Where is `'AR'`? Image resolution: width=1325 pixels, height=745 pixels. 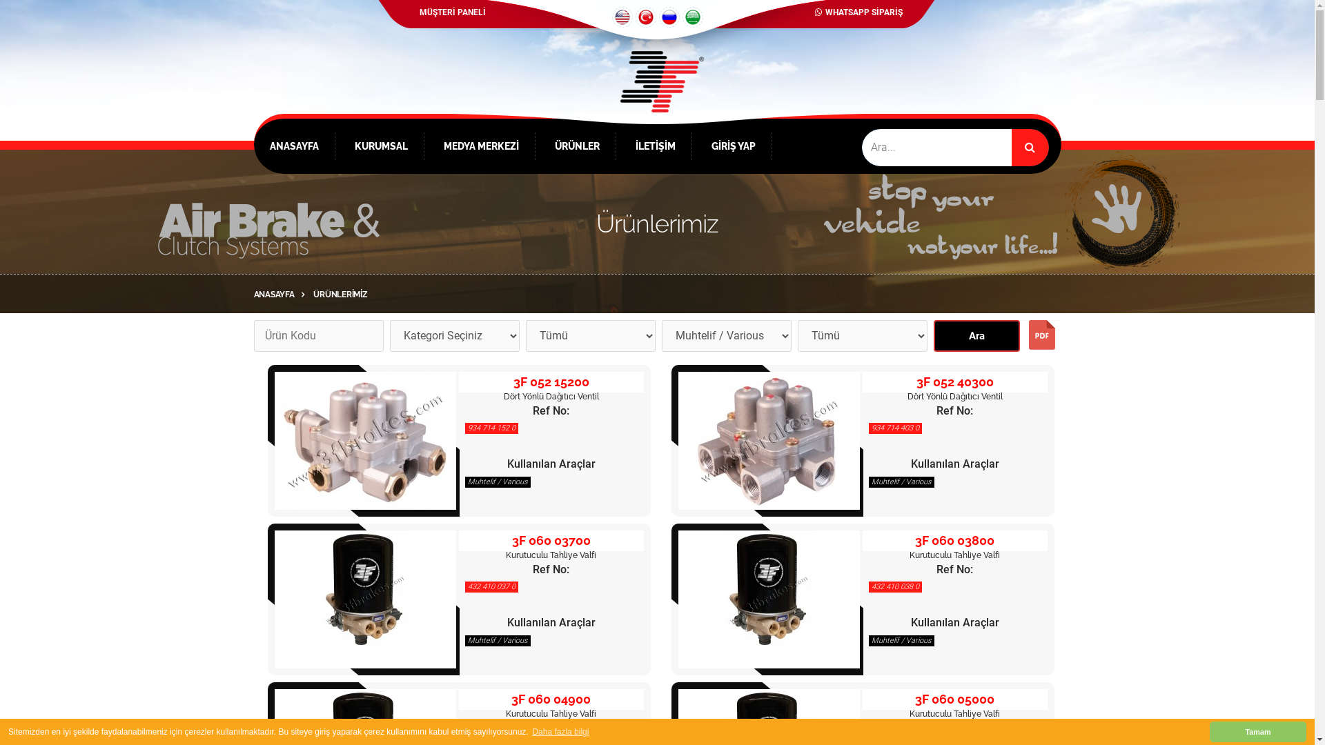 'AR' is located at coordinates (692, 17).